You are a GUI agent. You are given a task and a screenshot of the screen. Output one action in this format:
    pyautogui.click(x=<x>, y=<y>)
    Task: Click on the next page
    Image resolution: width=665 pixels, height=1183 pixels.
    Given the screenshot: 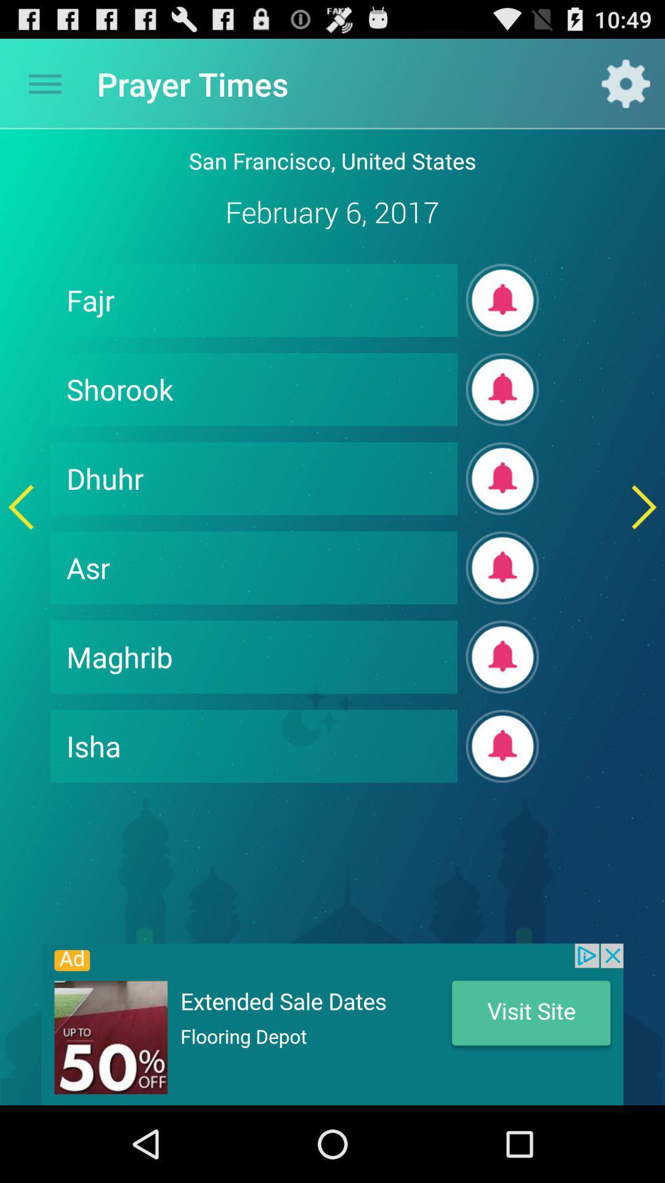 What is the action you would take?
    pyautogui.click(x=643, y=507)
    